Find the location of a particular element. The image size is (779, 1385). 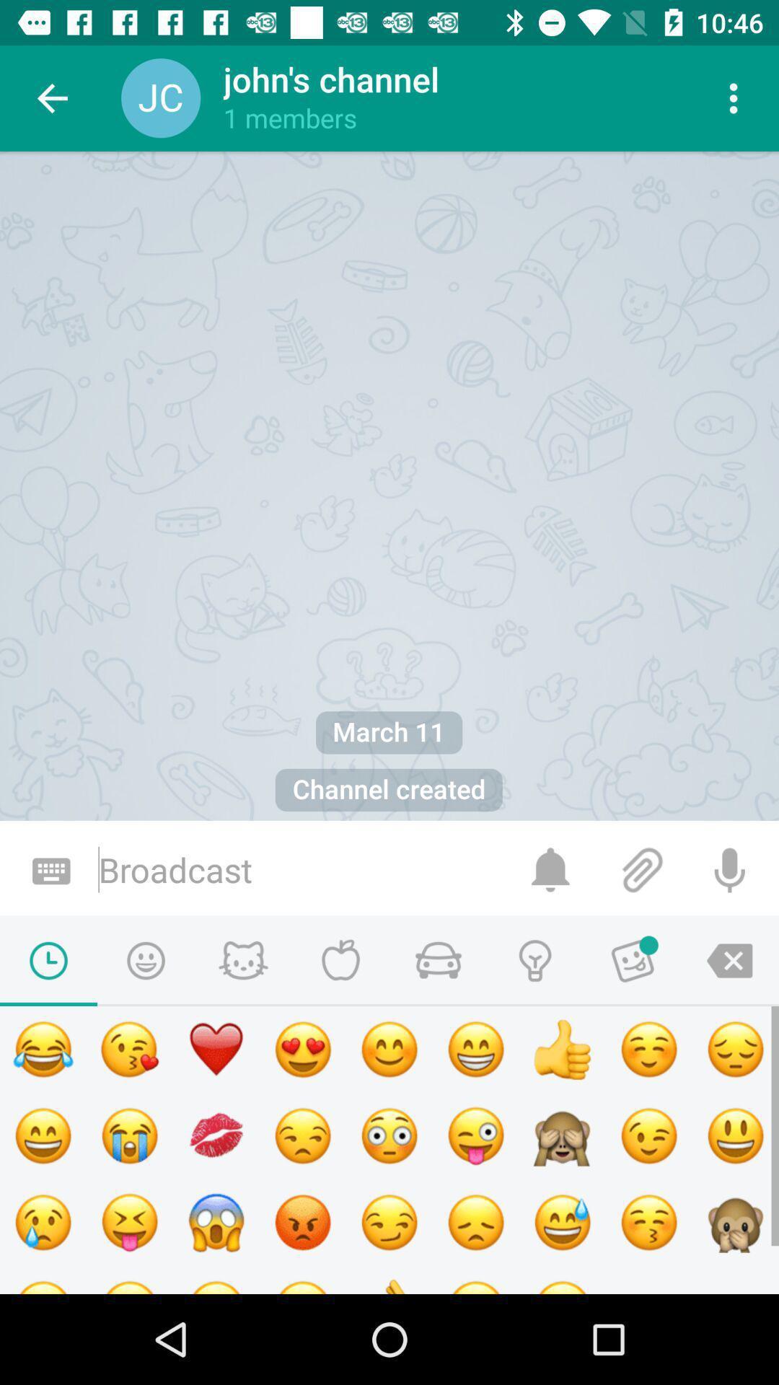

the thumbs_up icon is located at coordinates (561, 1049).